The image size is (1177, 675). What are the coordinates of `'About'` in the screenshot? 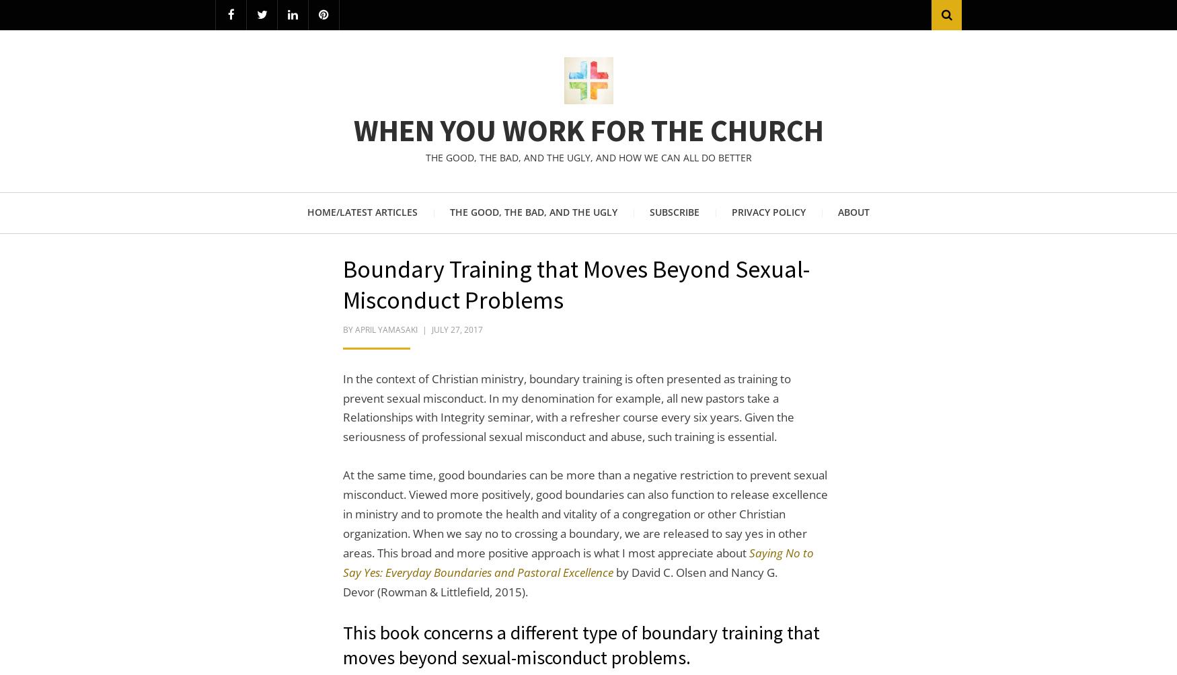 It's located at (853, 211).